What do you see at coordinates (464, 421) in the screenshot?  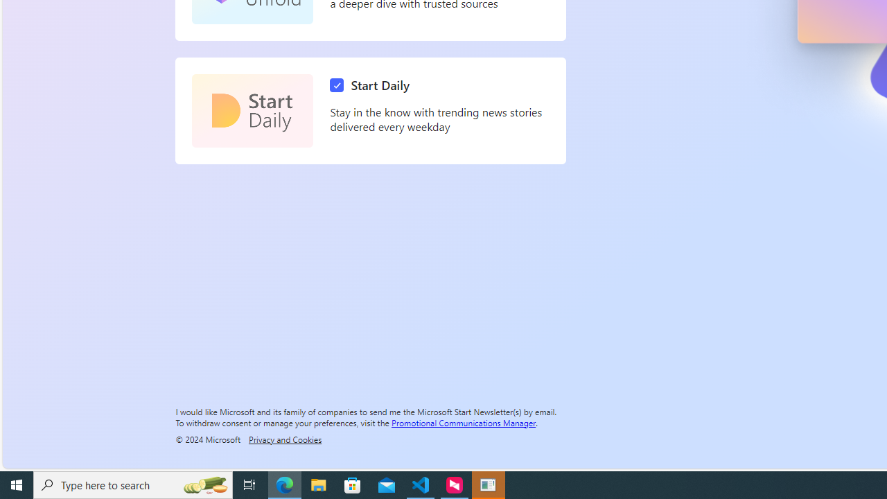 I see `'Promotional Communications Manager'` at bounding box center [464, 421].